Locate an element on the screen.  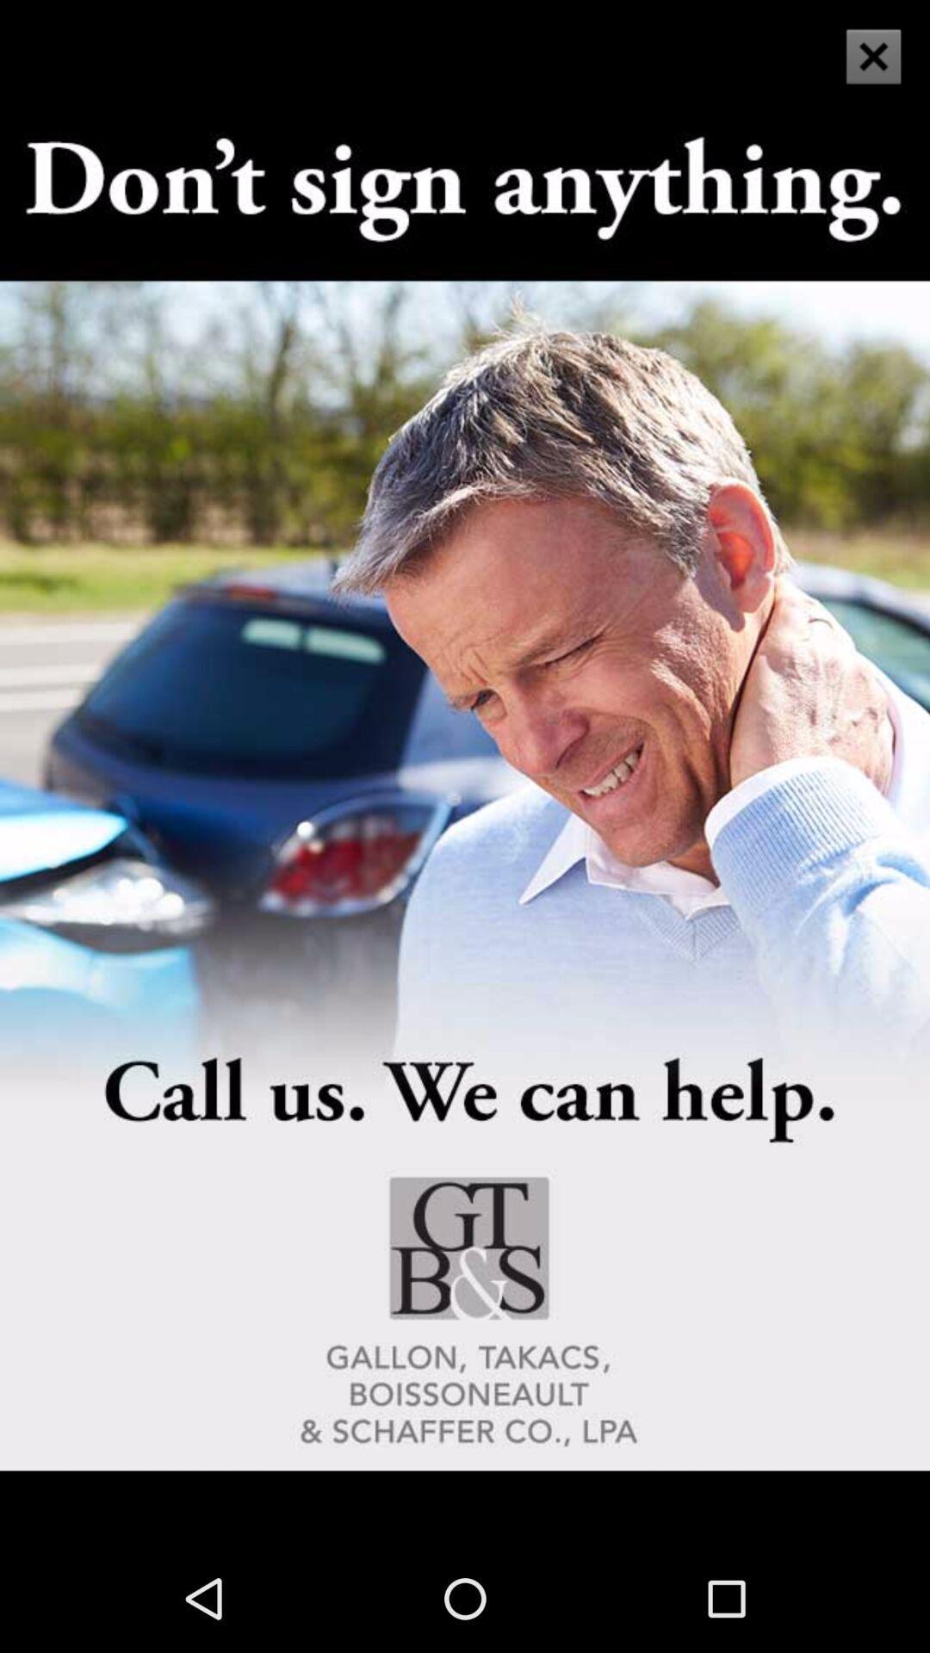
the close icon is located at coordinates (862, 71).